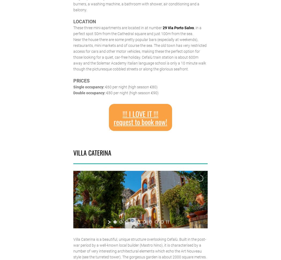 This screenshot has width=281, height=260. I want to click on 'LOCATION', so click(84, 21).